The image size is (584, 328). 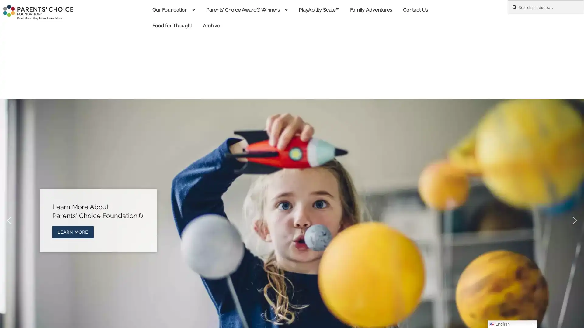 What do you see at coordinates (98, 220) in the screenshot?
I see `Explore Parents Choice Award Winners Explore` at bounding box center [98, 220].